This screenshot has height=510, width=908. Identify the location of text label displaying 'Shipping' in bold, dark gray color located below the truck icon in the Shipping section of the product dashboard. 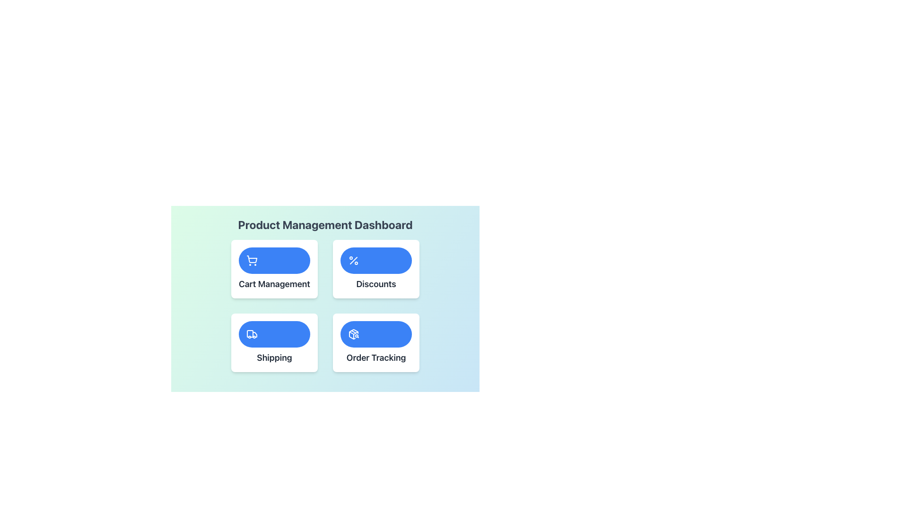
(274, 358).